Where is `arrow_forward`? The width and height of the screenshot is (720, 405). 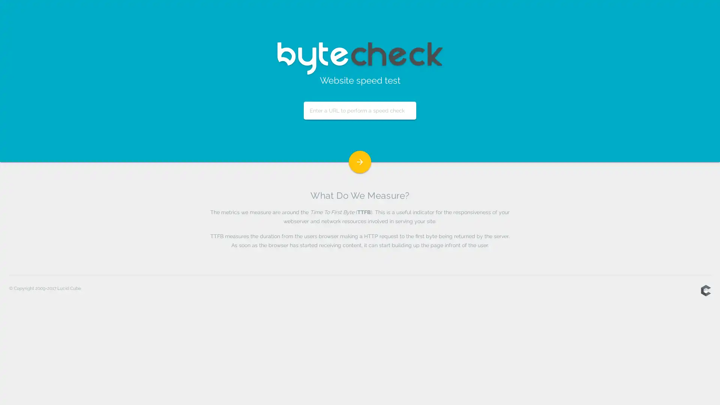 arrow_forward is located at coordinates (360, 162).